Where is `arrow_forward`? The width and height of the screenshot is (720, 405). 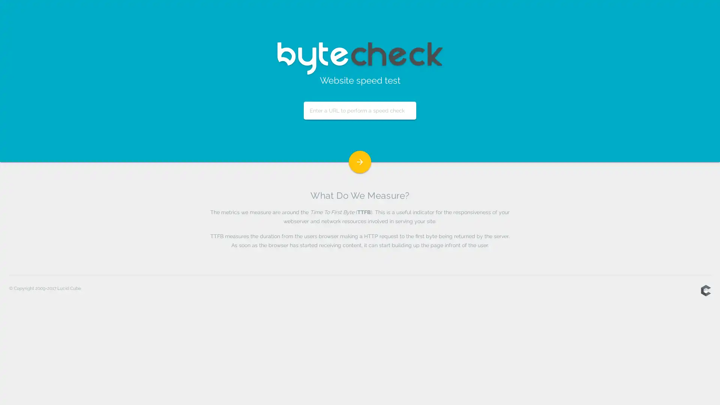 arrow_forward is located at coordinates (360, 162).